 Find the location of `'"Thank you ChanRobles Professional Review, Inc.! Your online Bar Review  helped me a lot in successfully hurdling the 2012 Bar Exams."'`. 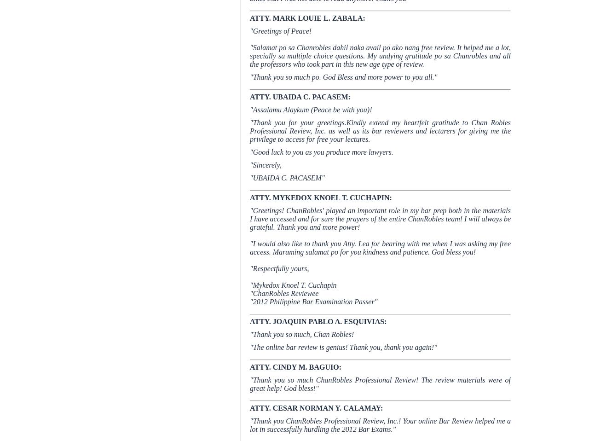

'"Thank you ChanRobles Professional Review, Inc.! Your online Bar Review  helped me a lot in successfully hurdling the 2012 Bar Exams."' is located at coordinates (380, 425).